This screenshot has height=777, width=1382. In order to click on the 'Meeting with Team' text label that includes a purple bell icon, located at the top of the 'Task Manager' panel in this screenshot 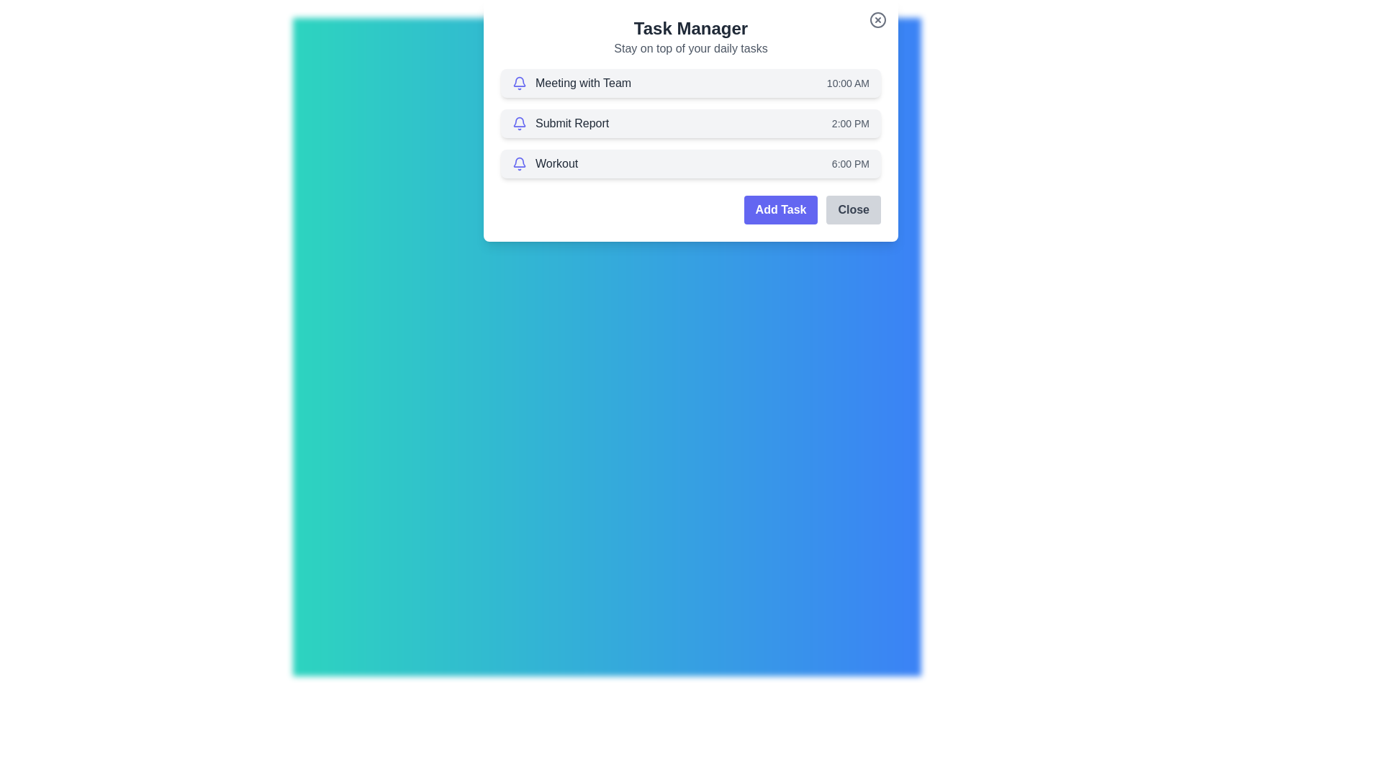, I will do `click(571, 83)`.